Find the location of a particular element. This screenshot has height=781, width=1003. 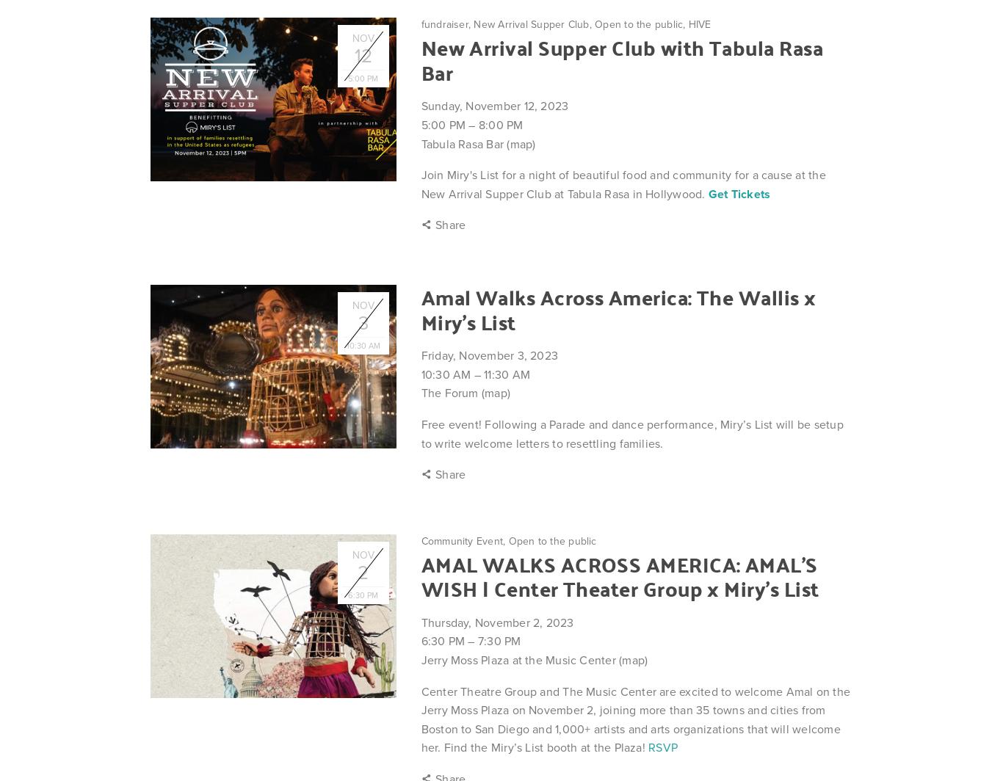

'New Arrival Supper Club with Tabula Rasa Bar' is located at coordinates (621, 59).